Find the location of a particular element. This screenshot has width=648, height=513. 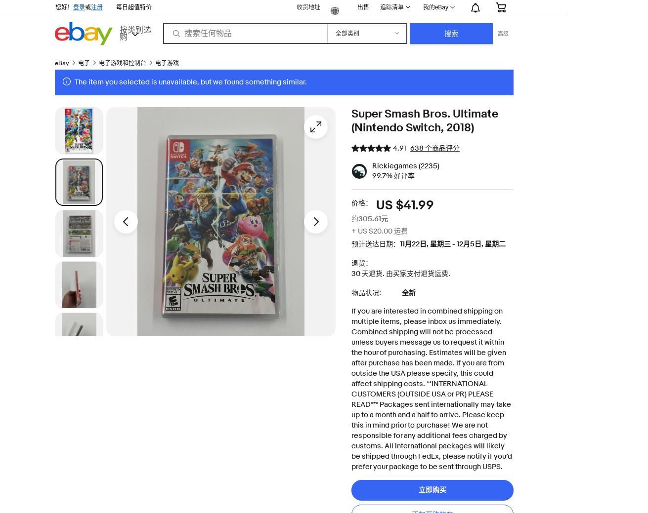

'物品状况:' is located at coordinates (350, 292).